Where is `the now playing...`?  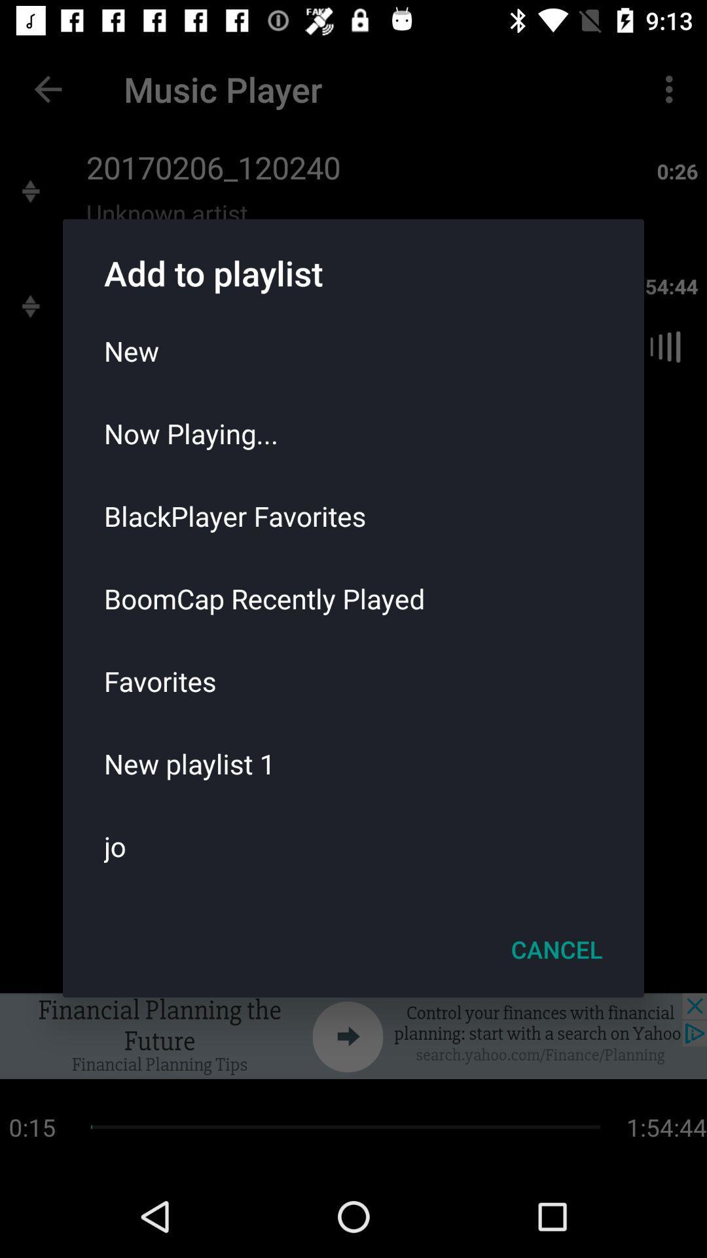 the now playing... is located at coordinates (353, 433).